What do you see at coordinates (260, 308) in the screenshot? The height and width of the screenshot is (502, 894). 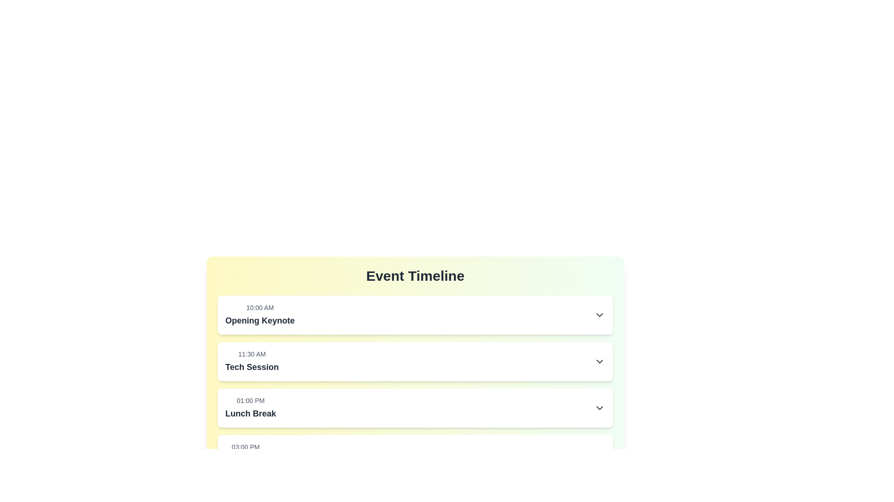 I see `the text element that provides the timestamp for 'Opening Keynote', located at the top-left corner of the card-like structure on the event timeline` at bounding box center [260, 308].